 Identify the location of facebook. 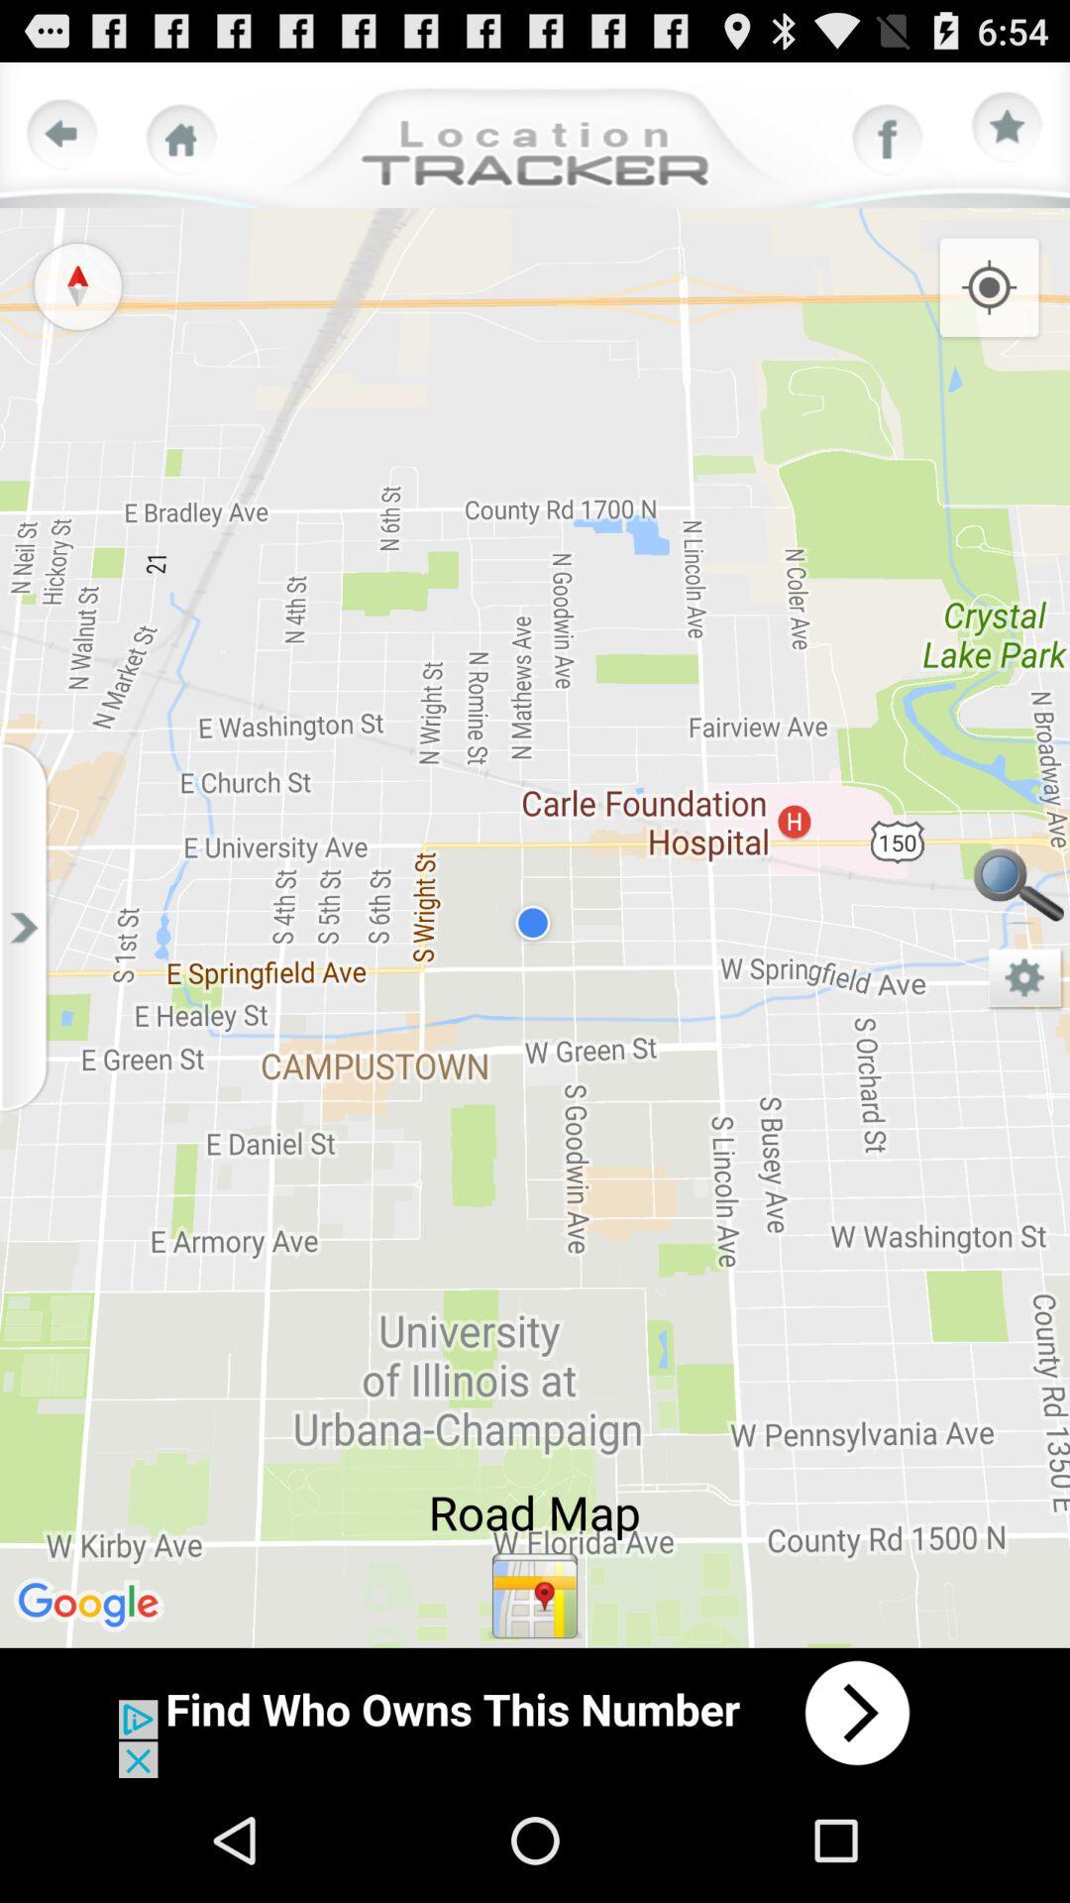
(887, 139).